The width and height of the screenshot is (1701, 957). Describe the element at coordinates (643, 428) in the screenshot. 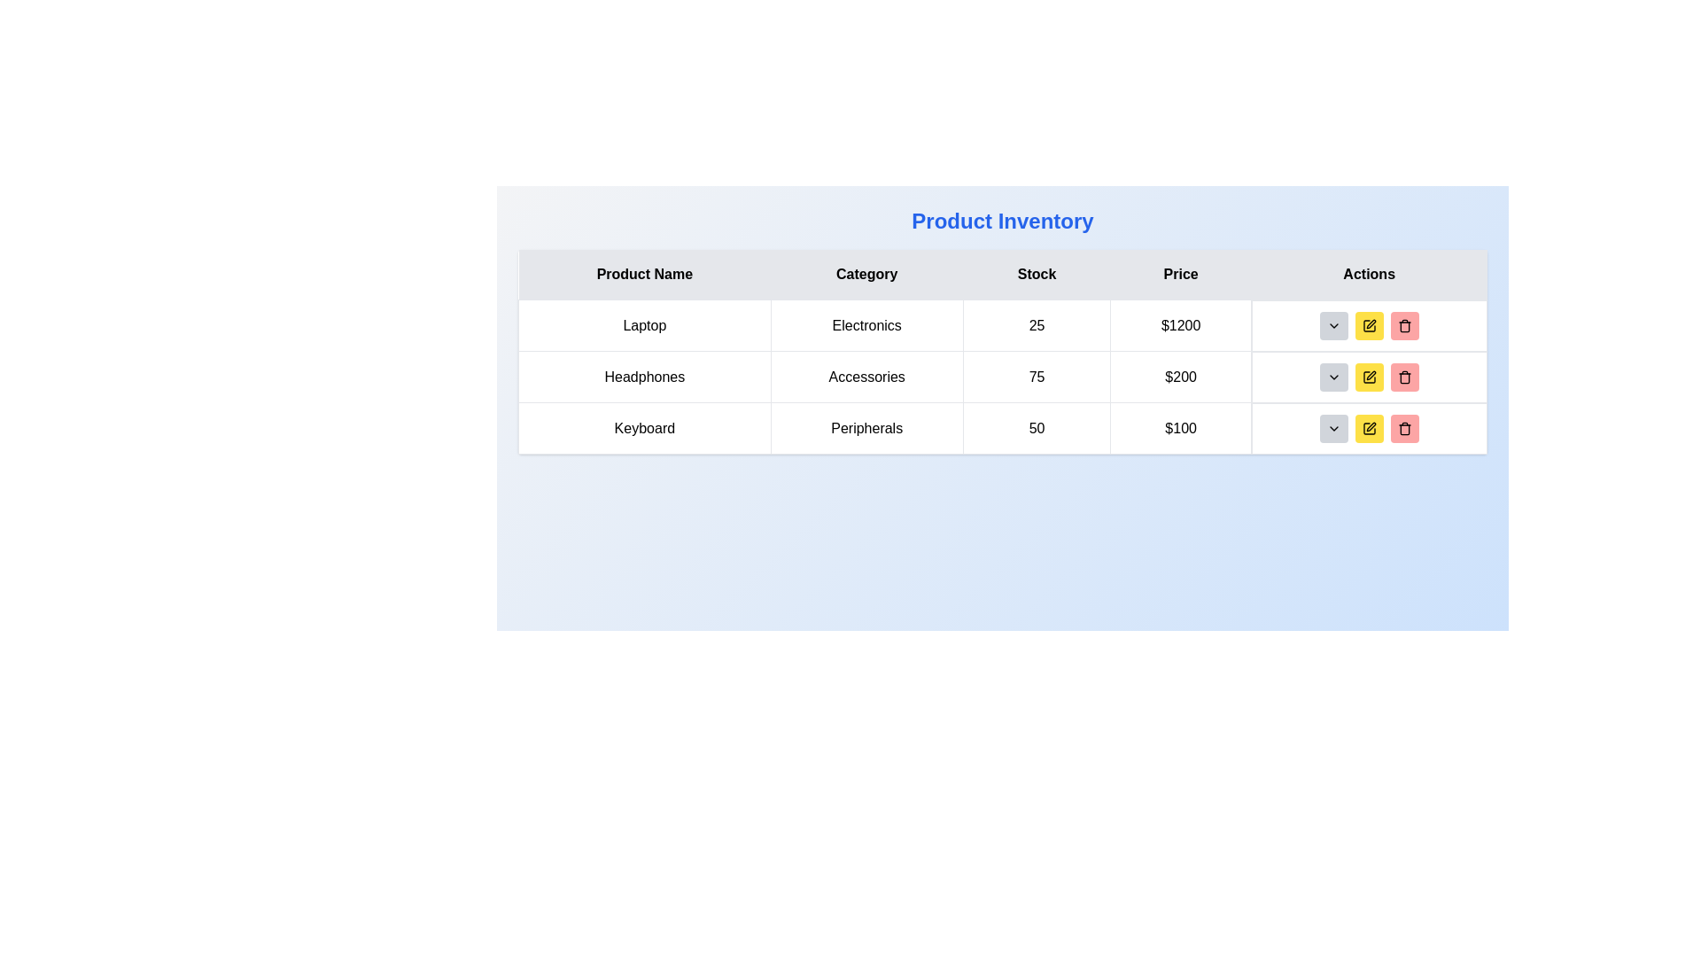

I see `the static text display showing 'Keyboard' located in the first cell of the third row under the 'Product Name' column in the table` at that location.